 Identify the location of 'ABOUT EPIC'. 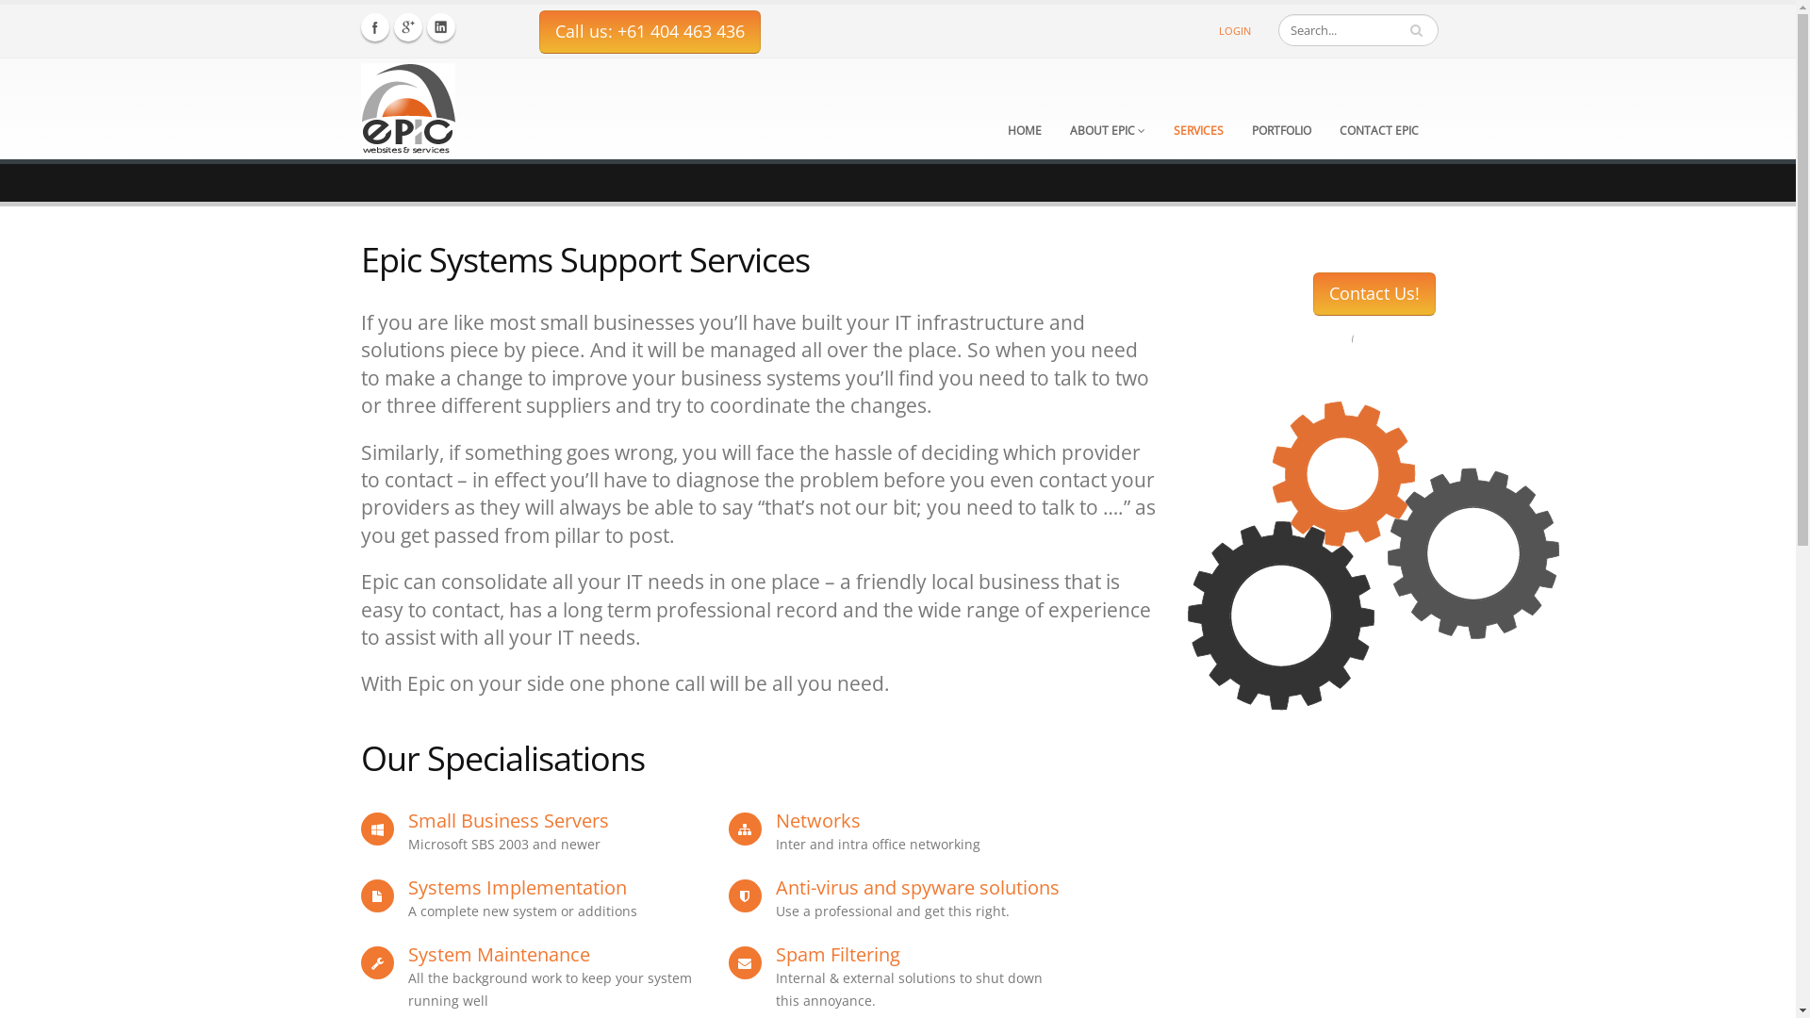
(1108, 116).